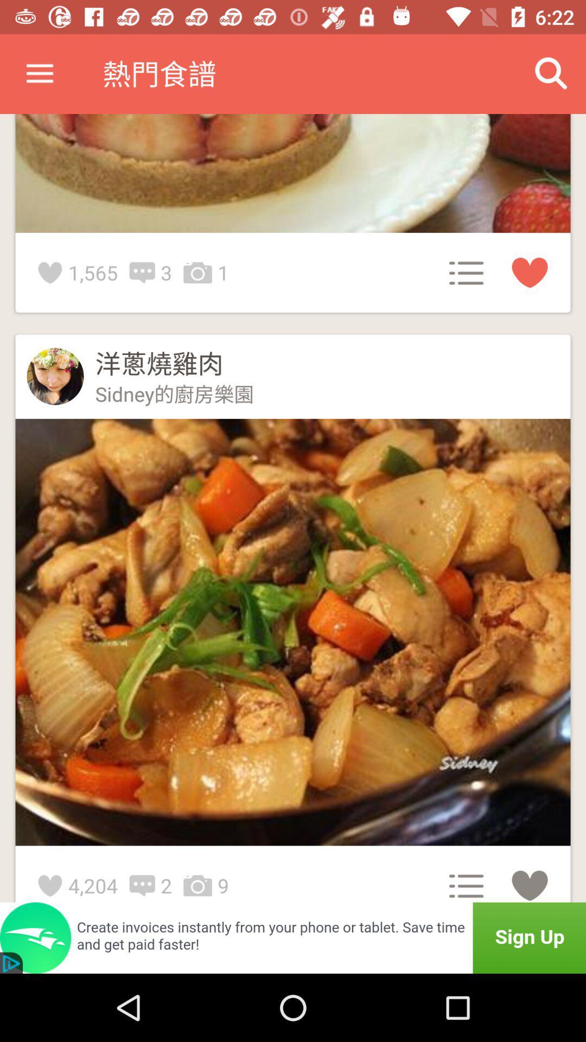 The width and height of the screenshot is (586, 1042). Describe the element at coordinates (53, 886) in the screenshot. I see `the symbol which is to the left of the number 4204` at that location.